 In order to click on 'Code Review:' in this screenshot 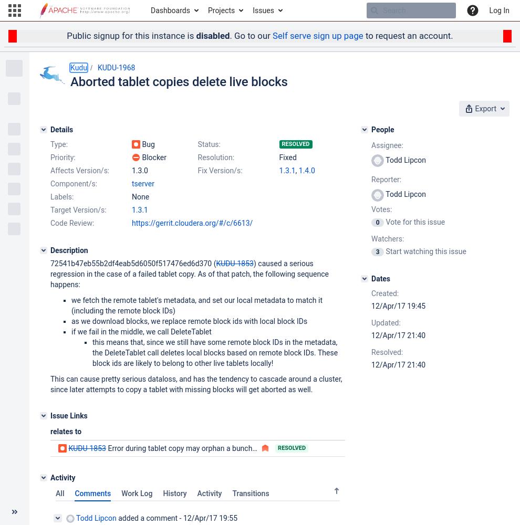, I will do `click(71, 223)`.